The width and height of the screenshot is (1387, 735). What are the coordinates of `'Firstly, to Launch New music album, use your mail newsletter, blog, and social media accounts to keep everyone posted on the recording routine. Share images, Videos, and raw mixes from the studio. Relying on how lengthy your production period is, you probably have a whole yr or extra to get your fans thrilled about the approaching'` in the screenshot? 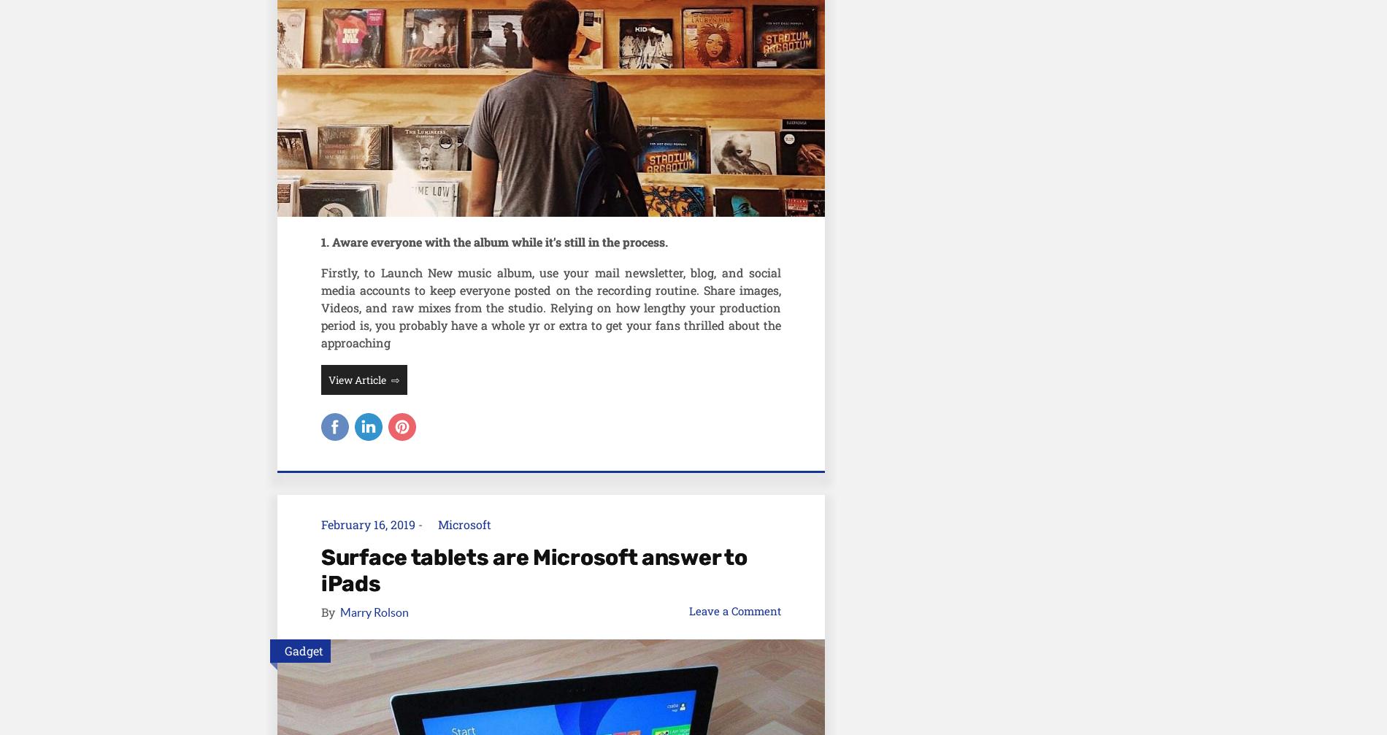 It's located at (550, 307).